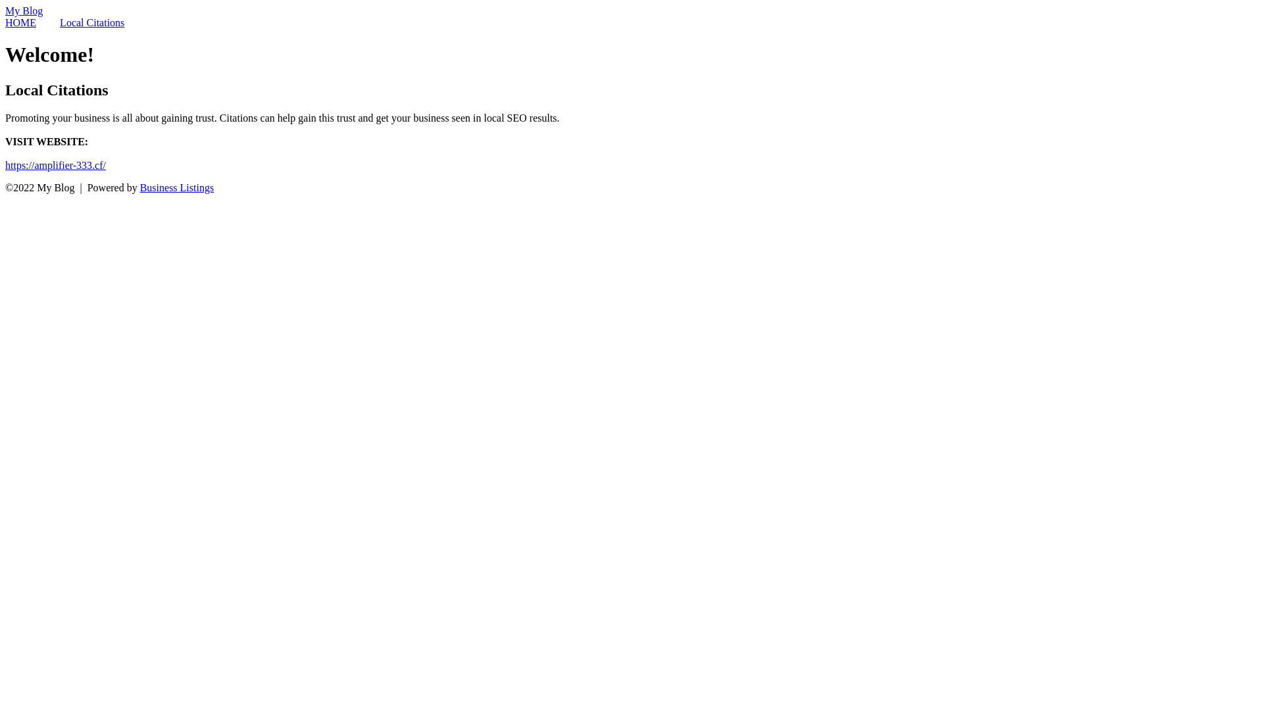 The image size is (1263, 710). What do you see at coordinates (176, 187) in the screenshot?
I see `'Business Listings'` at bounding box center [176, 187].